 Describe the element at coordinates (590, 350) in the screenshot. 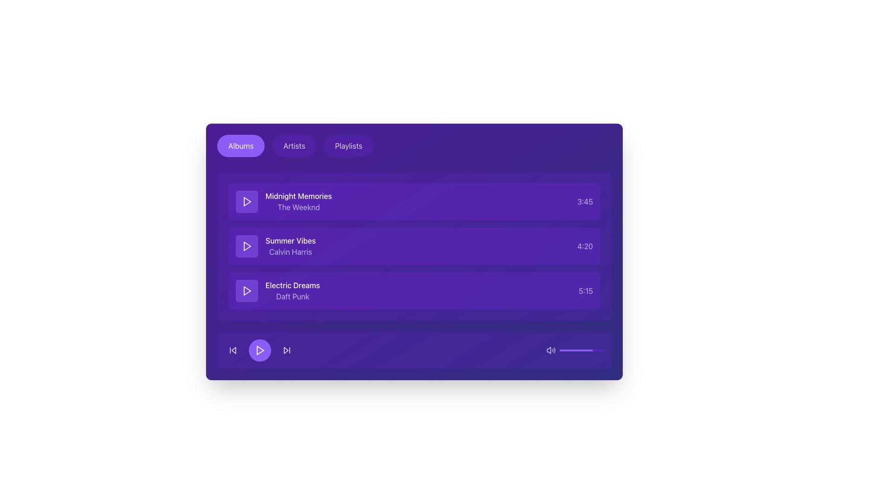

I see `the volume` at that location.